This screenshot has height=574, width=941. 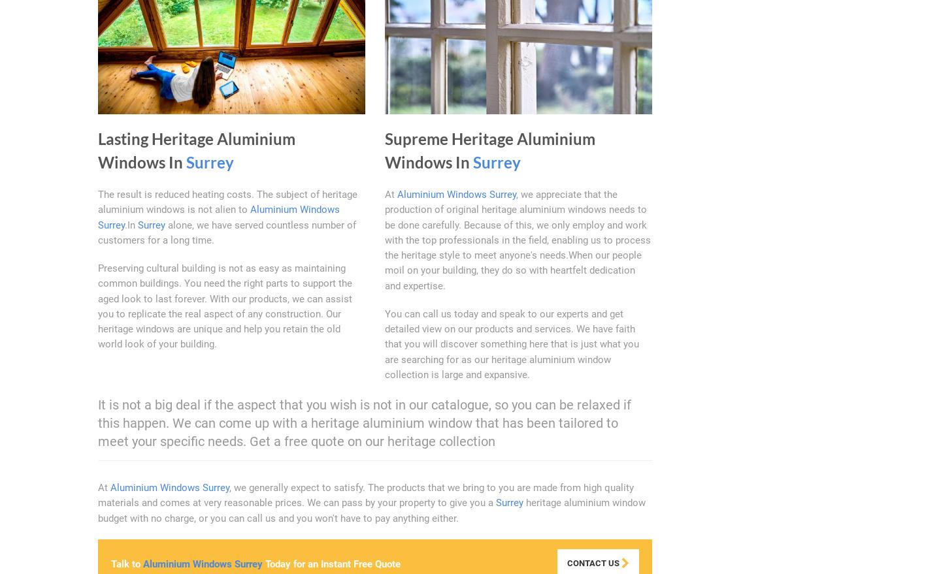 What do you see at coordinates (131, 224) in the screenshot?
I see `'.In'` at bounding box center [131, 224].